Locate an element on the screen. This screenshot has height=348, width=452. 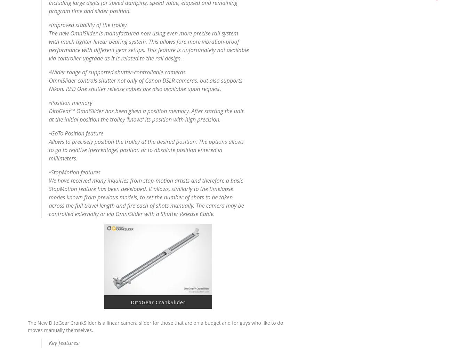
'The new OmniSlider is manufactured now using even more precise rail system with much tighter linear bearing system. This allows fore more vibration-proof performance with different gear setups. This feature is unfortunately not available via controller upgrade as it is related to the rail design.' is located at coordinates (148, 45).